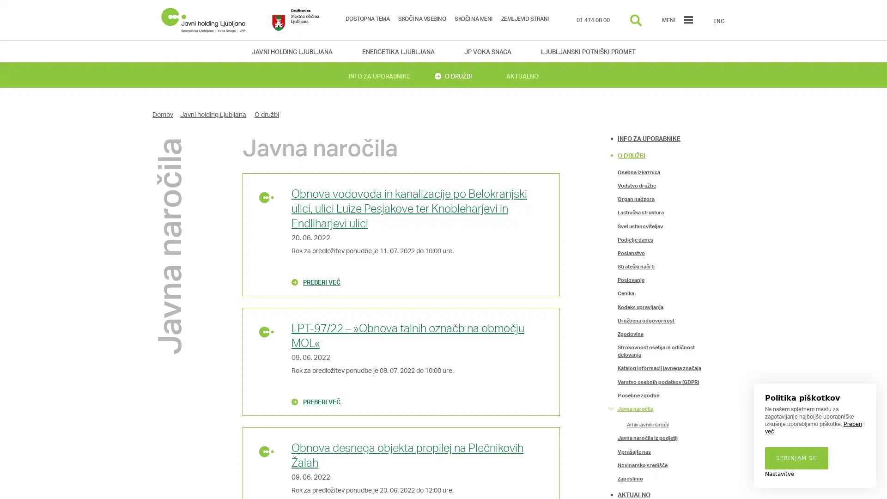  What do you see at coordinates (611, 465) in the screenshot?
I see `Razsiri meni` at bounding box center [611, 465].